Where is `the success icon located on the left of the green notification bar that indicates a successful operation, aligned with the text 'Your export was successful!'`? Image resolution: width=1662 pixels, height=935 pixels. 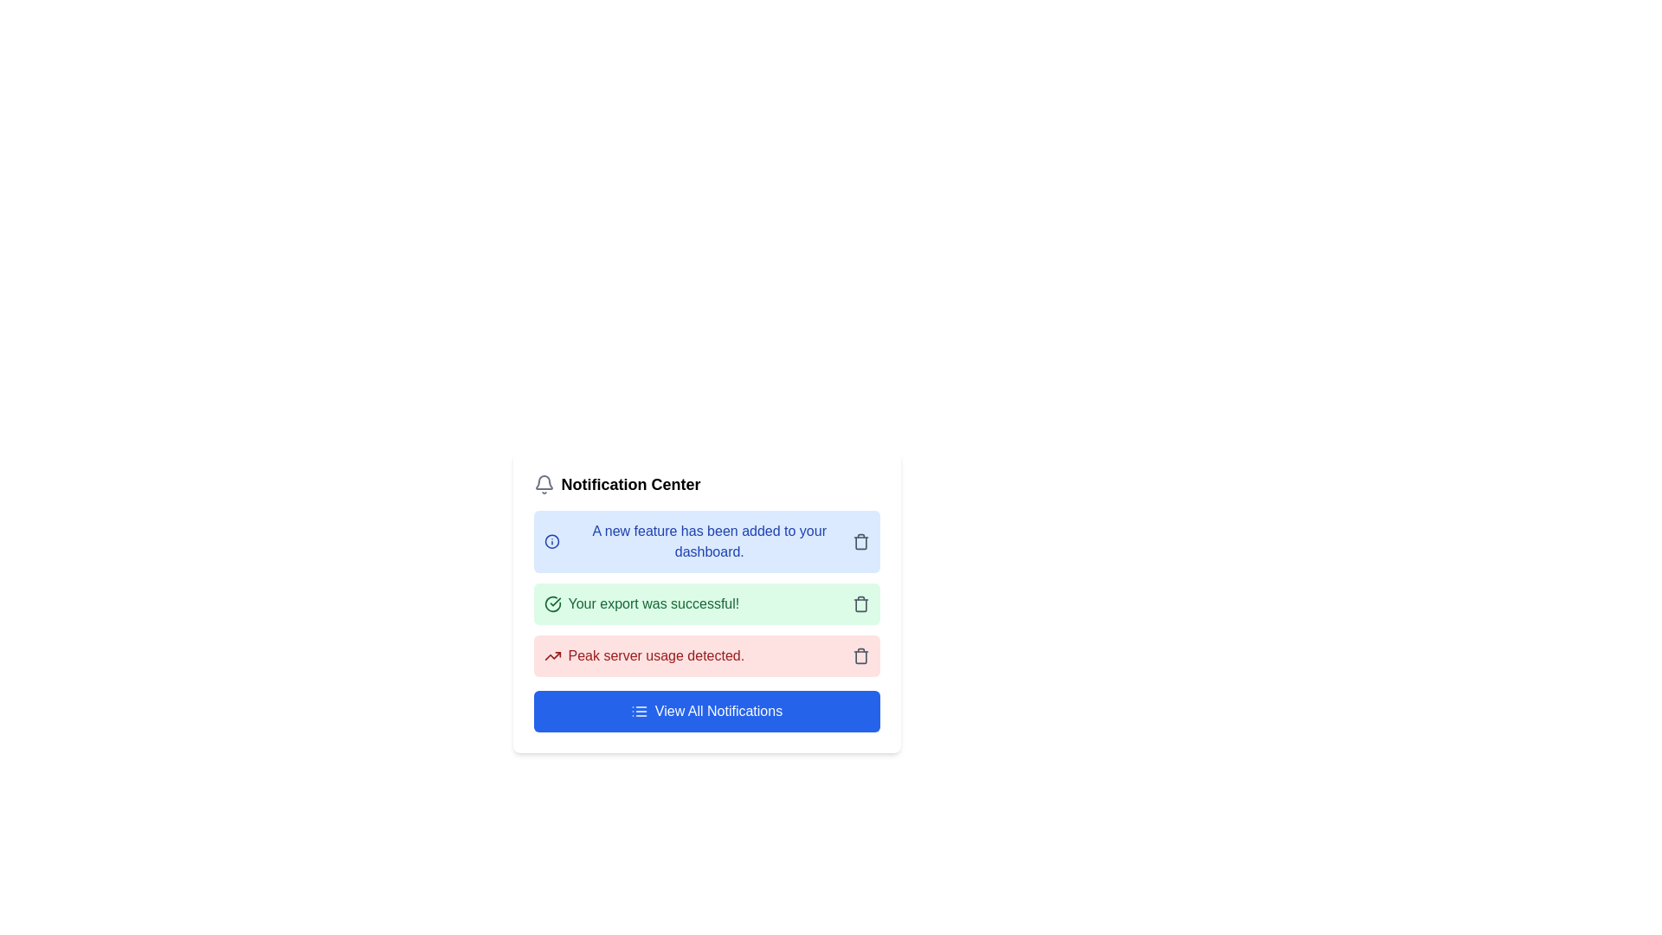
the success icon located on the left of the green notification bar that indicates a successful operation, aligned with the text 'Your export was successful!' is located at coordinates (551, 603).